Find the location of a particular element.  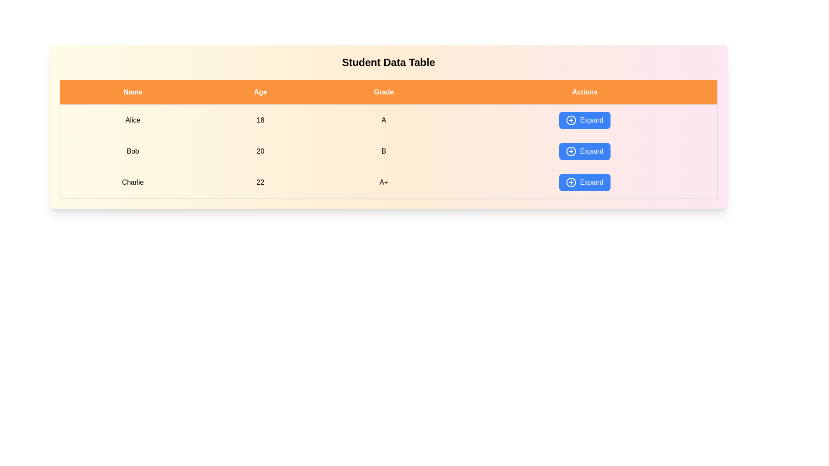

the static text element displaying the age of 'Charlie' in the 'Student Data Table', located in the third row and second column is located at coordinates (260, 182).